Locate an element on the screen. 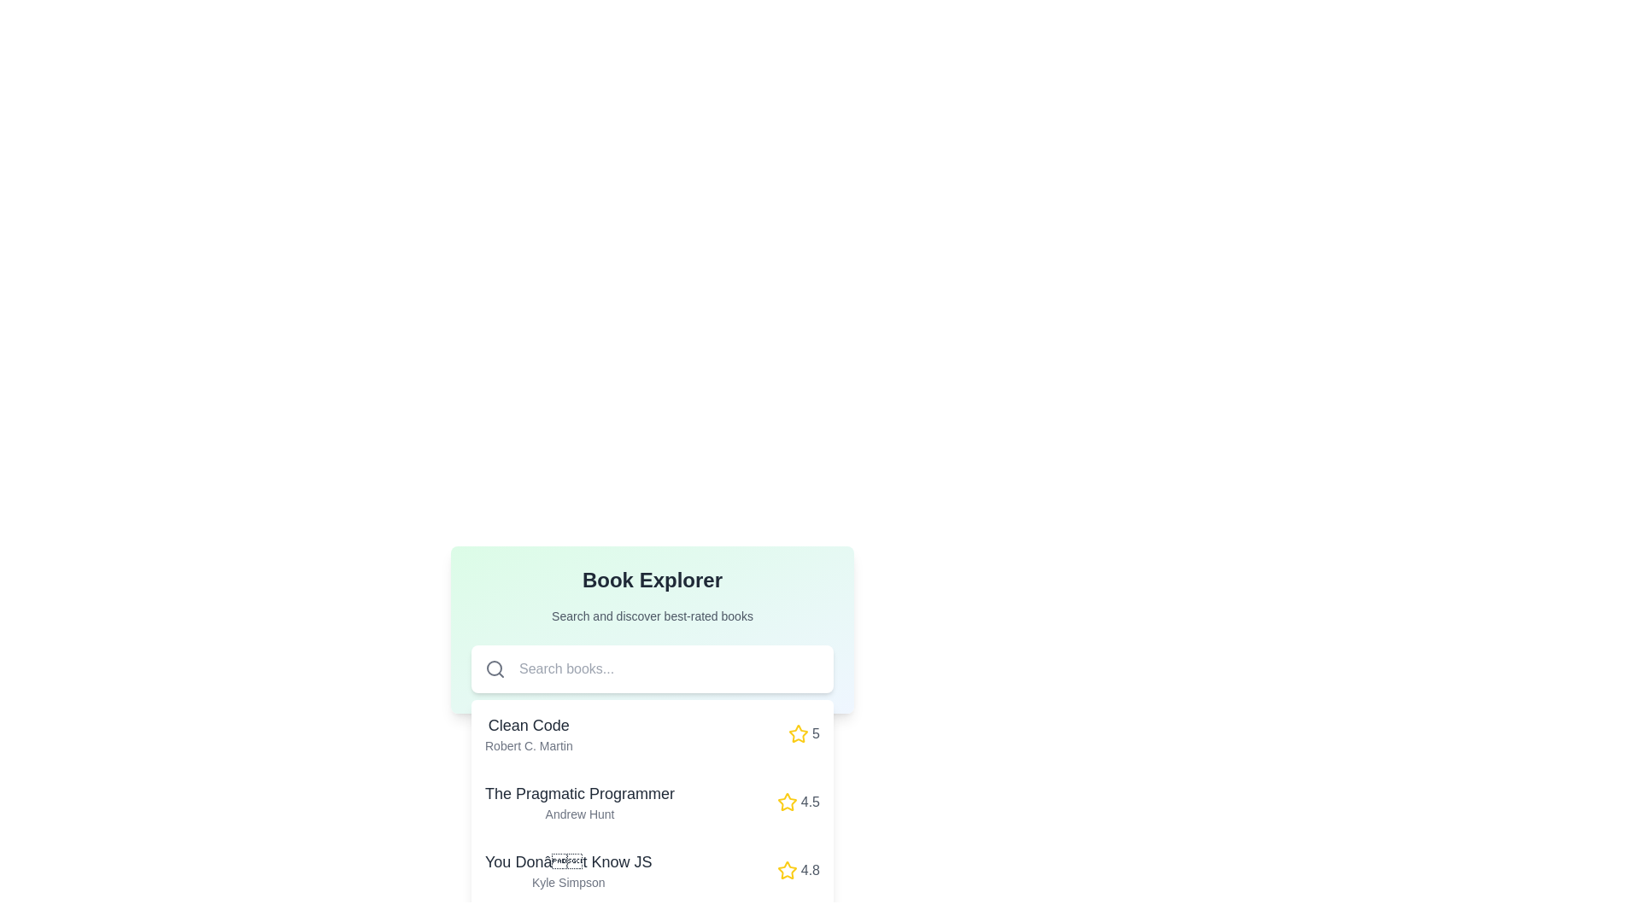 The image size is (1640, 922). to select the book titled 'The Pragmatic Programmer' by Andrew Hunt, which is the second item in the vertical list of the 'Book Explorer' section is located at coordinates (651, 802).